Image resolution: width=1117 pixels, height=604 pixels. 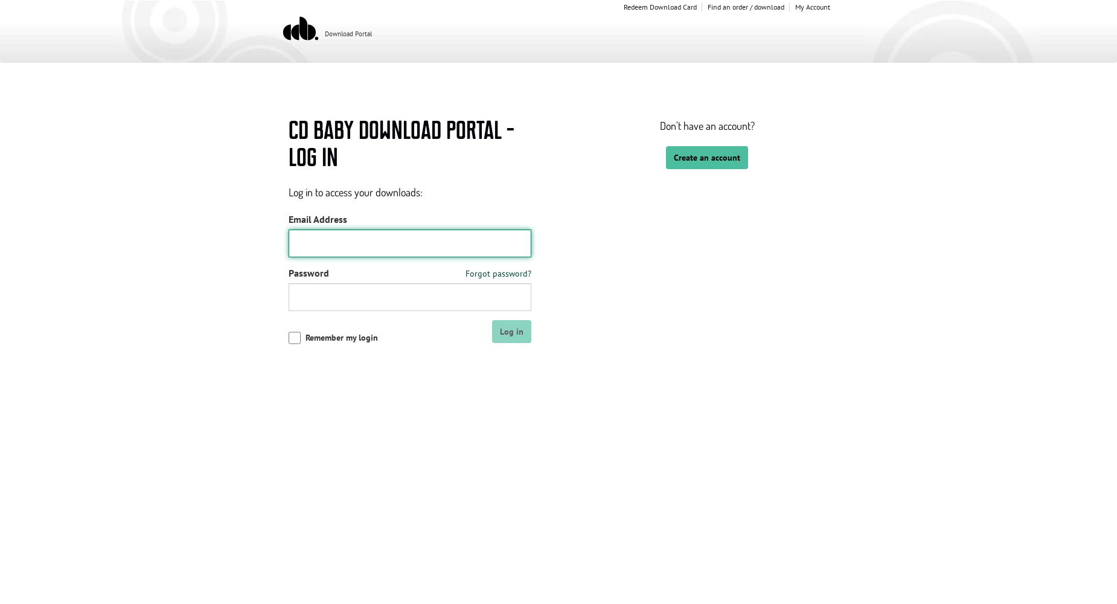 What do you see at coordinates (498, 272) in the screenshot?
I see `'Forgot password?'` at bounding box center [498, 272].